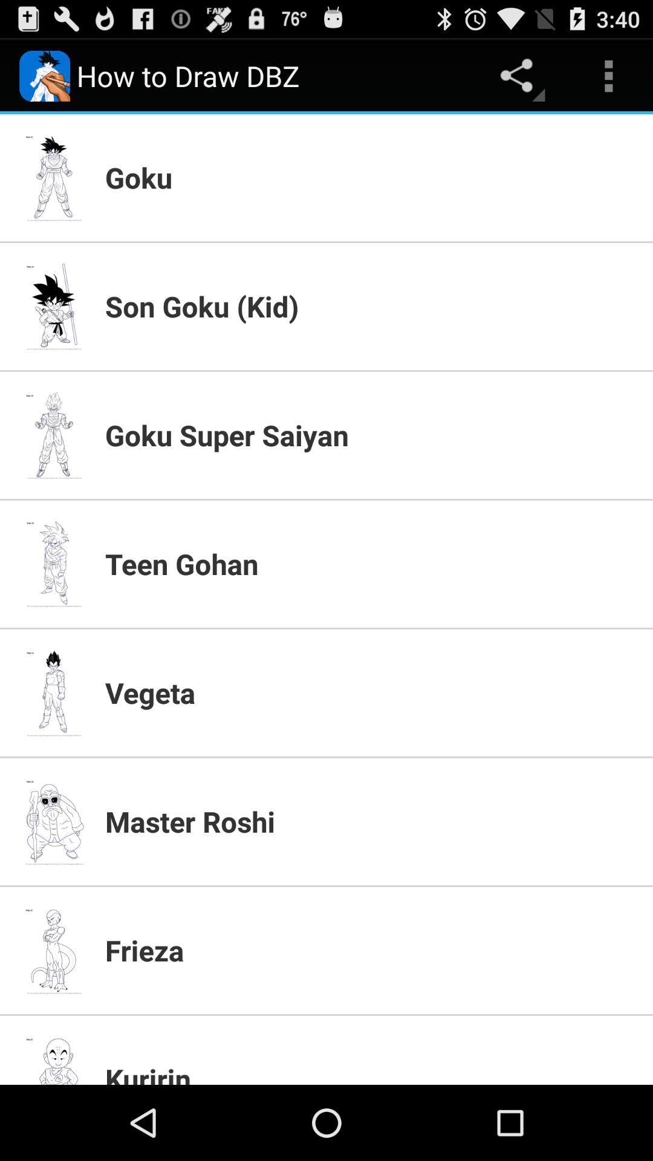 The width and height of the screenshot is (653, 1161). Describe the element at coordinates (371, 692) in the screenshot. I see `item below teen gohan app` at that location.